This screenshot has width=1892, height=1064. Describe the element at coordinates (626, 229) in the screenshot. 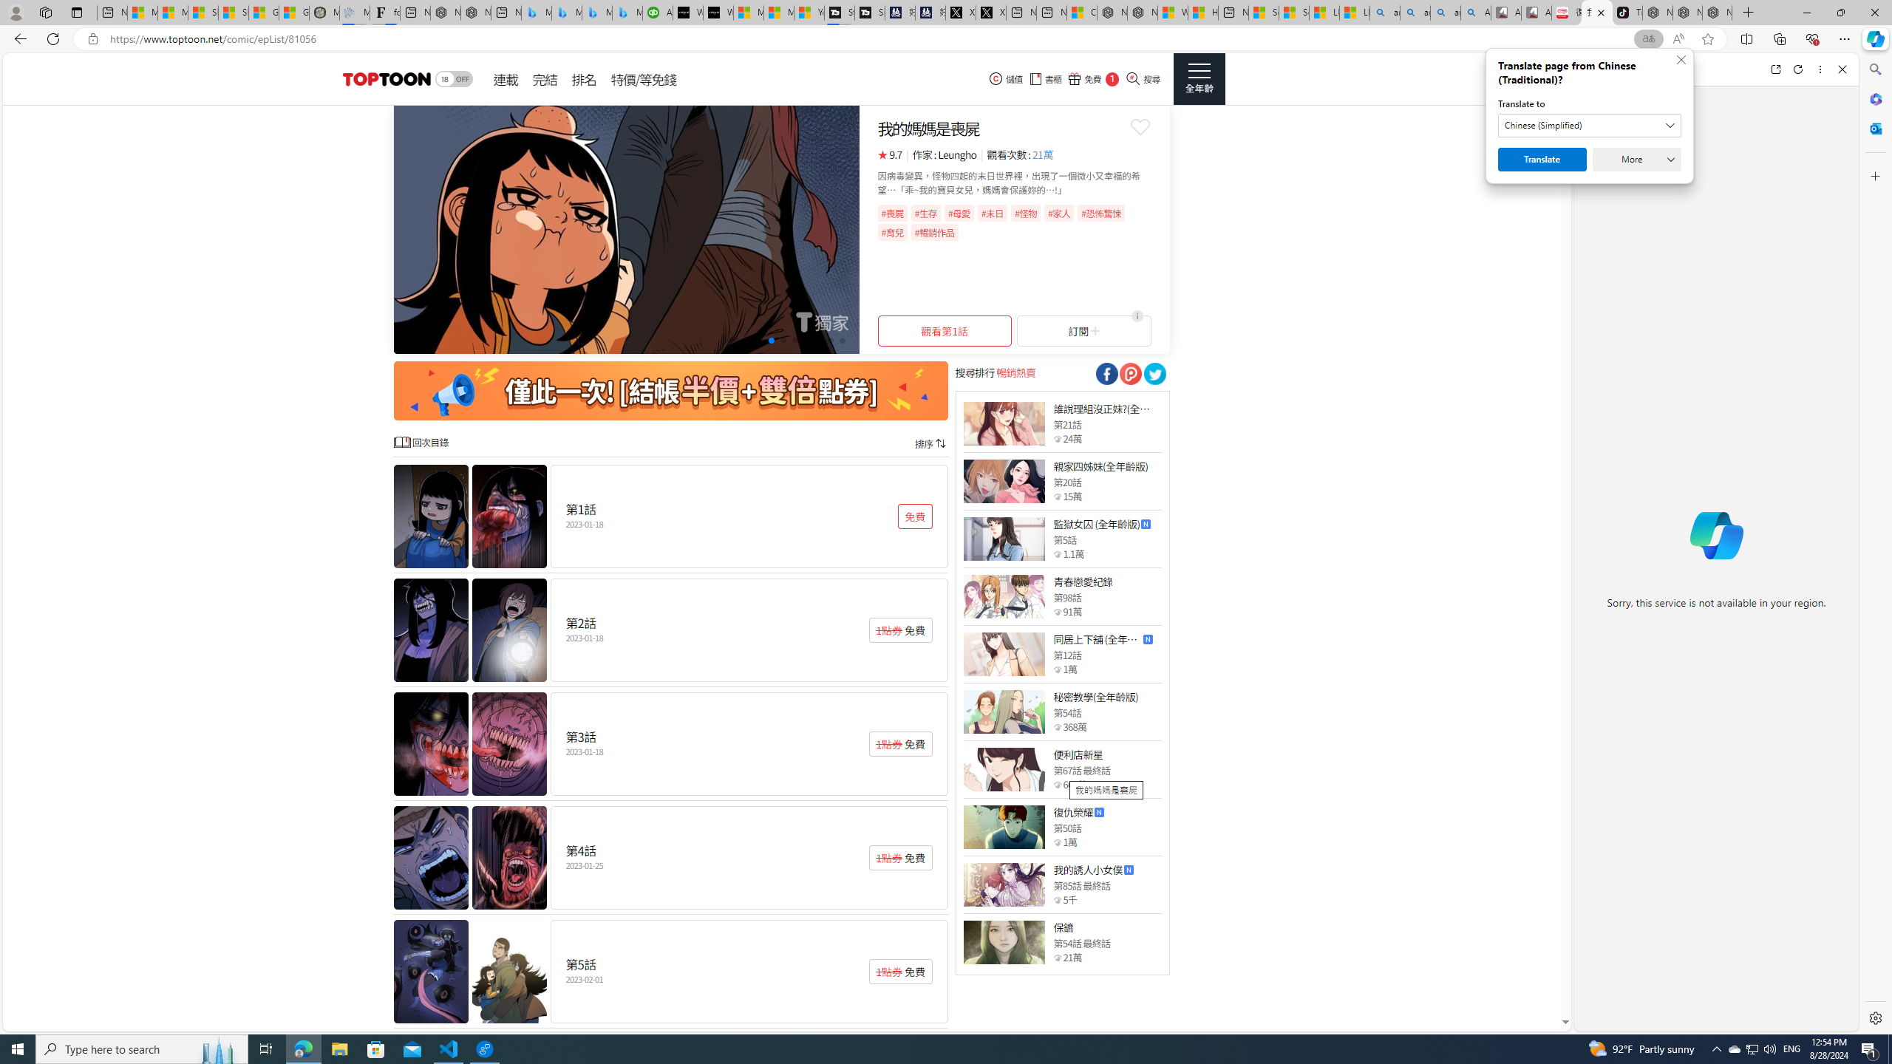

I see `'Class: swiper-slide swiper-slide-next'` at that location.